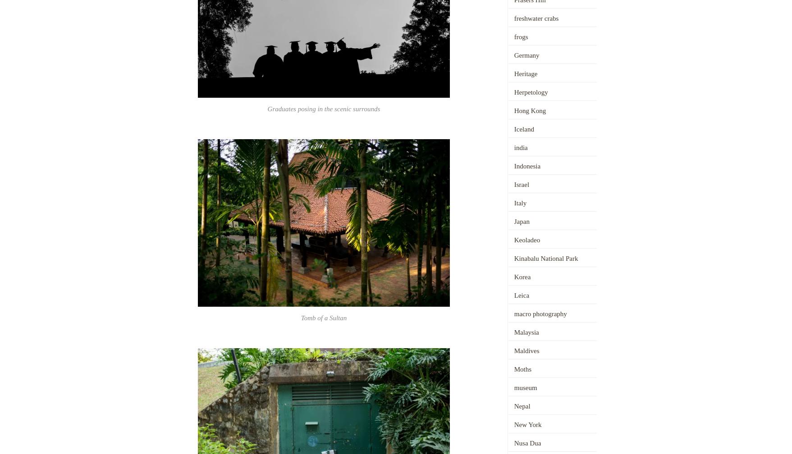  Describe the element at coordinates (520, 36) in the screenshot. I see `'frogs'` at that location.